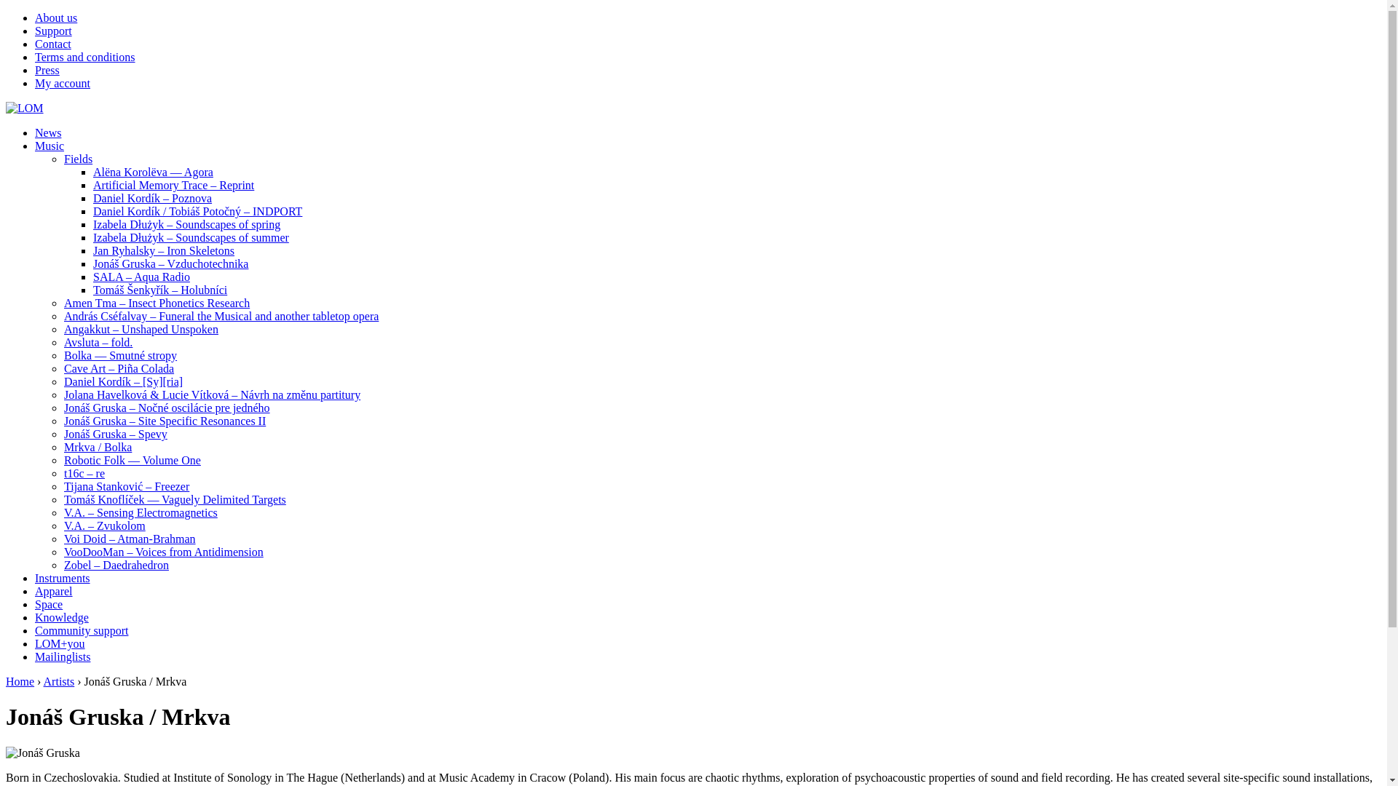  I want to click on 'Mailinglists', so click(62, 656).